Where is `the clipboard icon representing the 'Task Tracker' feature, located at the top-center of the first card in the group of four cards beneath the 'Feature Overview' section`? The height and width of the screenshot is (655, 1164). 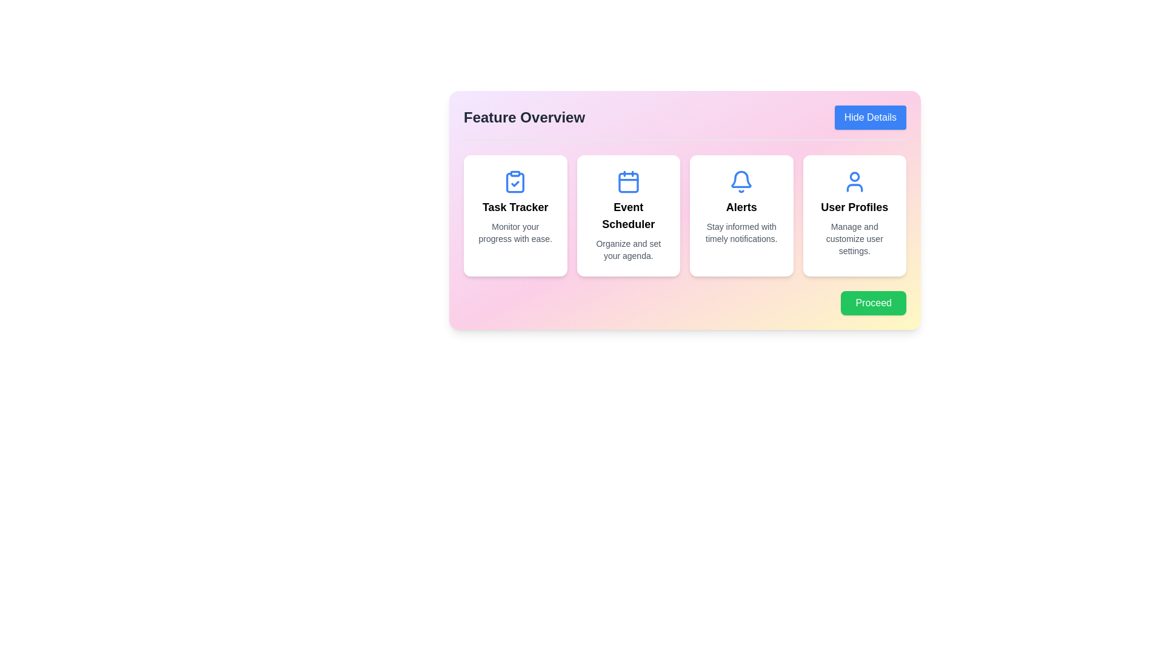 the clipboard icon representing the 'Task Tracker' feature, located at the top-center of the first card in the group of four cards beneath the 'Feature Overview' section is located at coordinates (515, 182).